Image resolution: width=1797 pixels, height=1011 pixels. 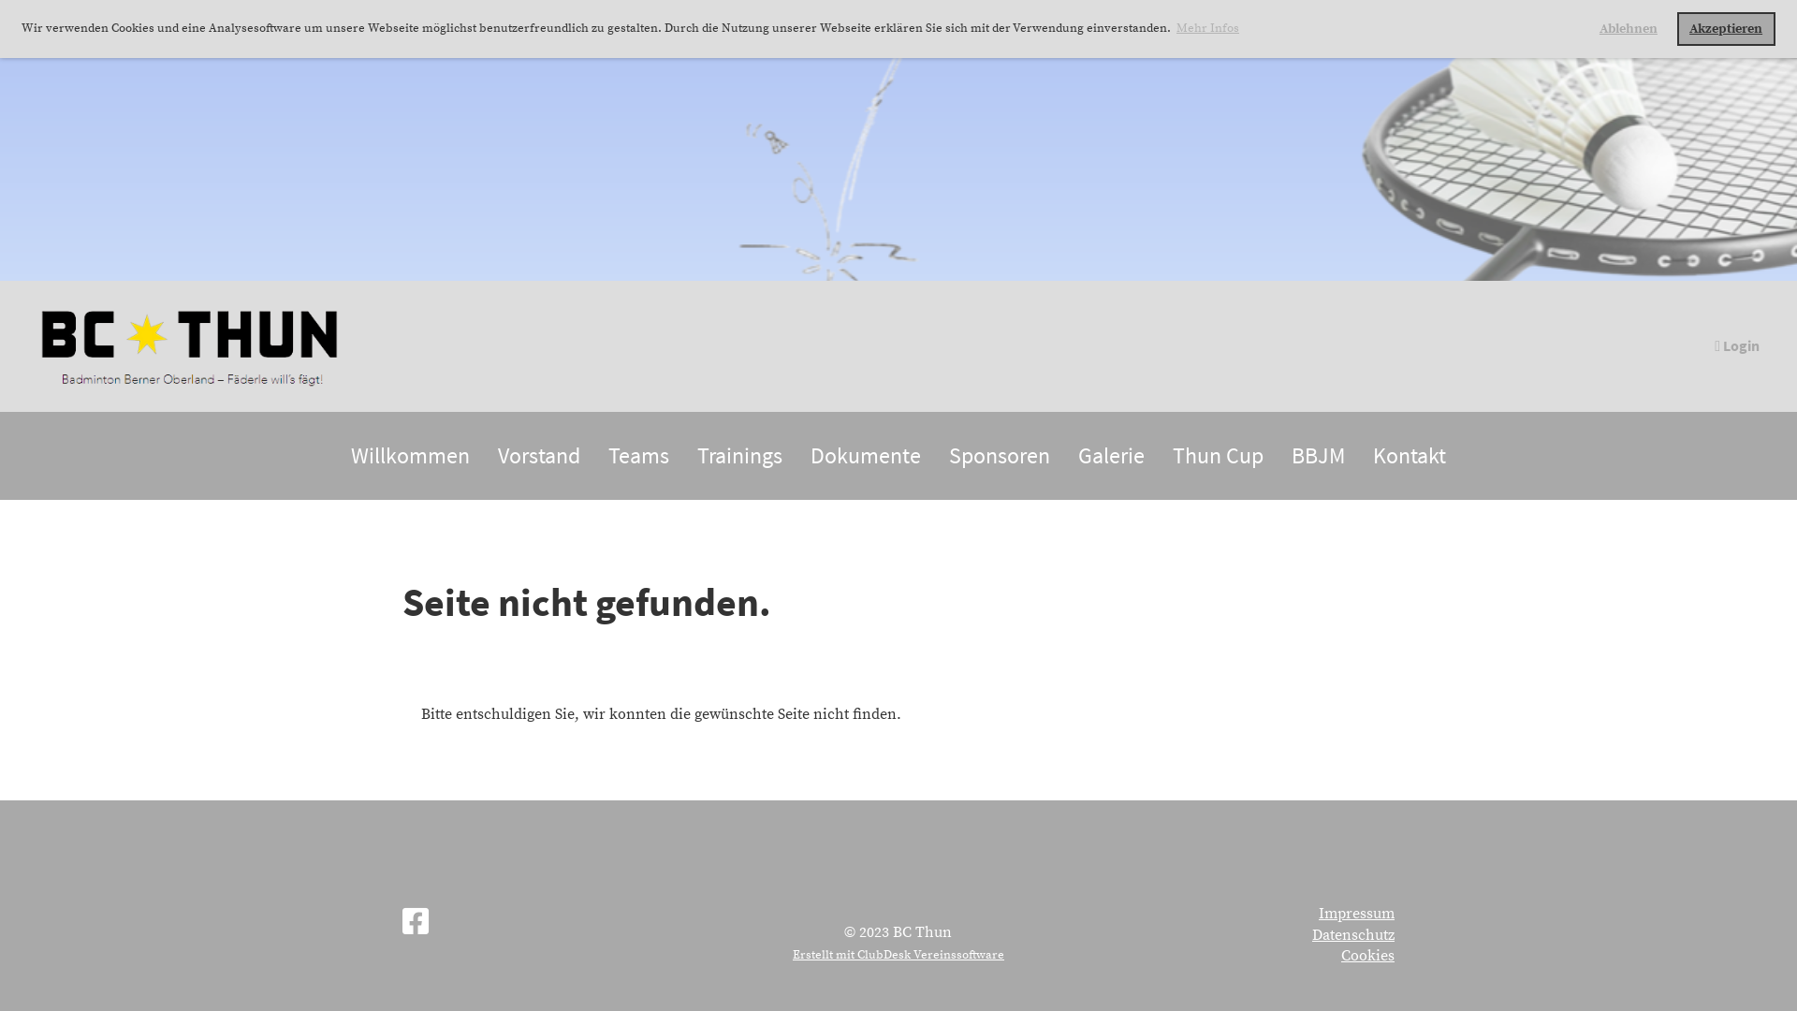 What do you see at coordinates (1627, 28) in the screenshot?
I see `'Ablehnen'` at bounding box center [1627, 28].